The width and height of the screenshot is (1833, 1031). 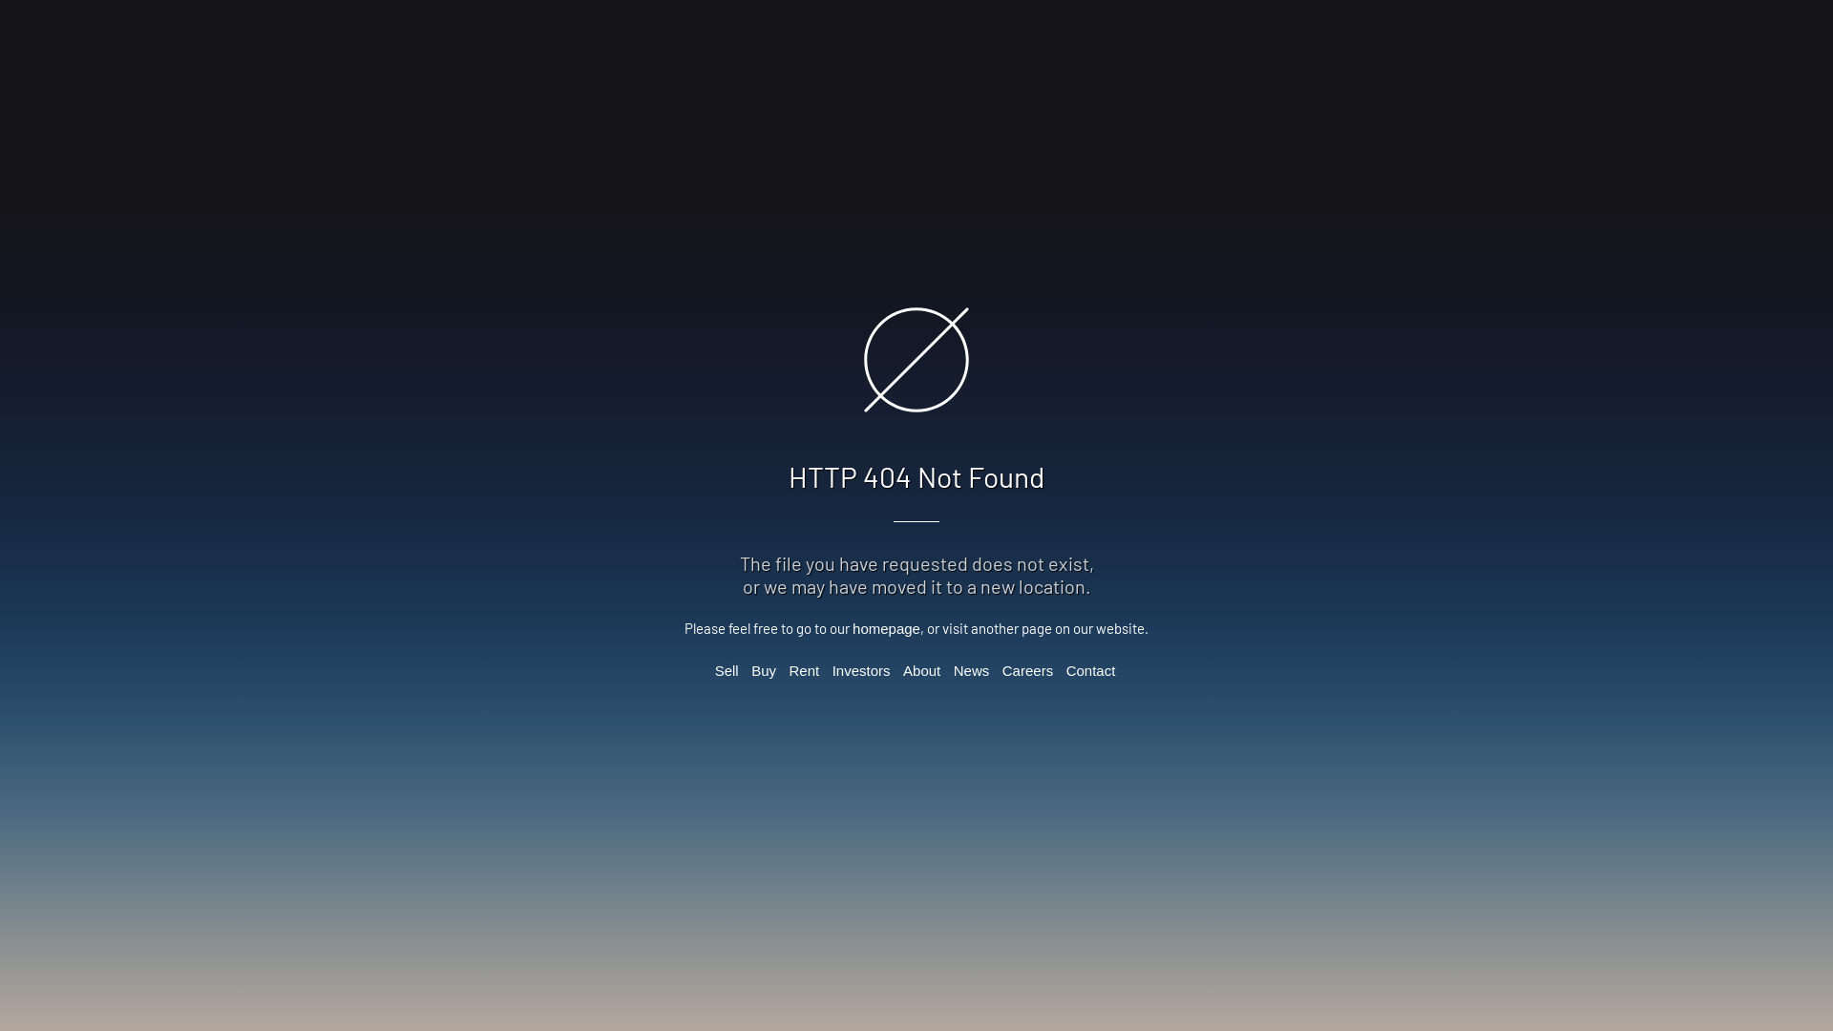 What do you see at coordinates (860, 669) in the screenshot?
I see `'Investors'` at bounding box center [860, 669].